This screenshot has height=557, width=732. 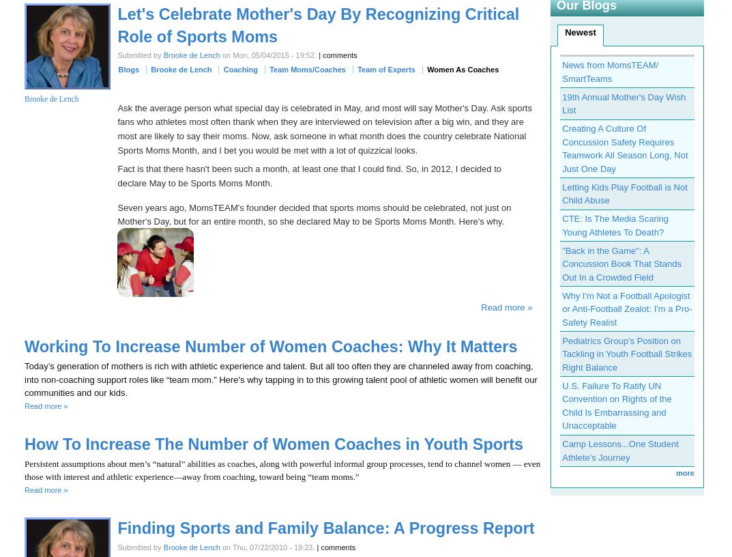 I want to click on 'Creating A Culture Of Concussion Safety Requires Teamwork All Season Long, Not Just One Day', so click(x=561, y=147).